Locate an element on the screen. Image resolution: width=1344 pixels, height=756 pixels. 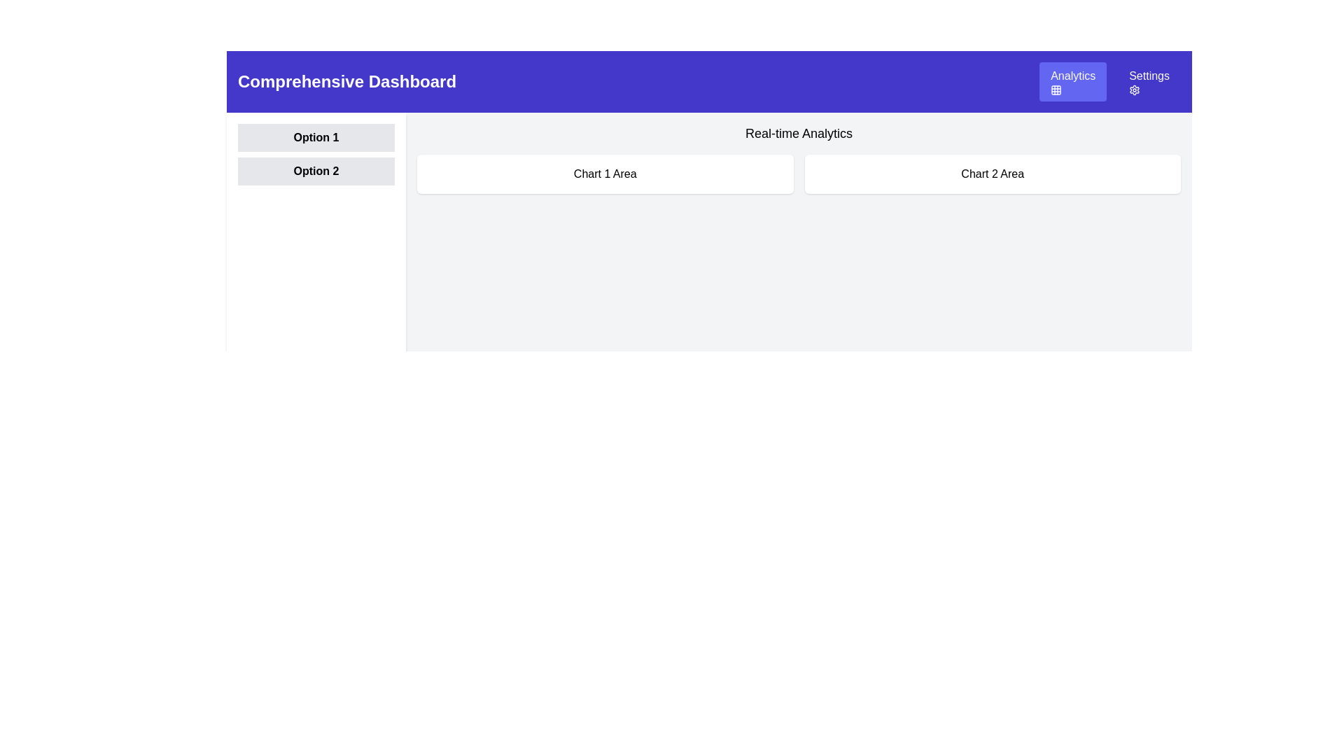
the grid icon located in the central position of the 3x3 grid pattern is located at coordinates (1056, 90).